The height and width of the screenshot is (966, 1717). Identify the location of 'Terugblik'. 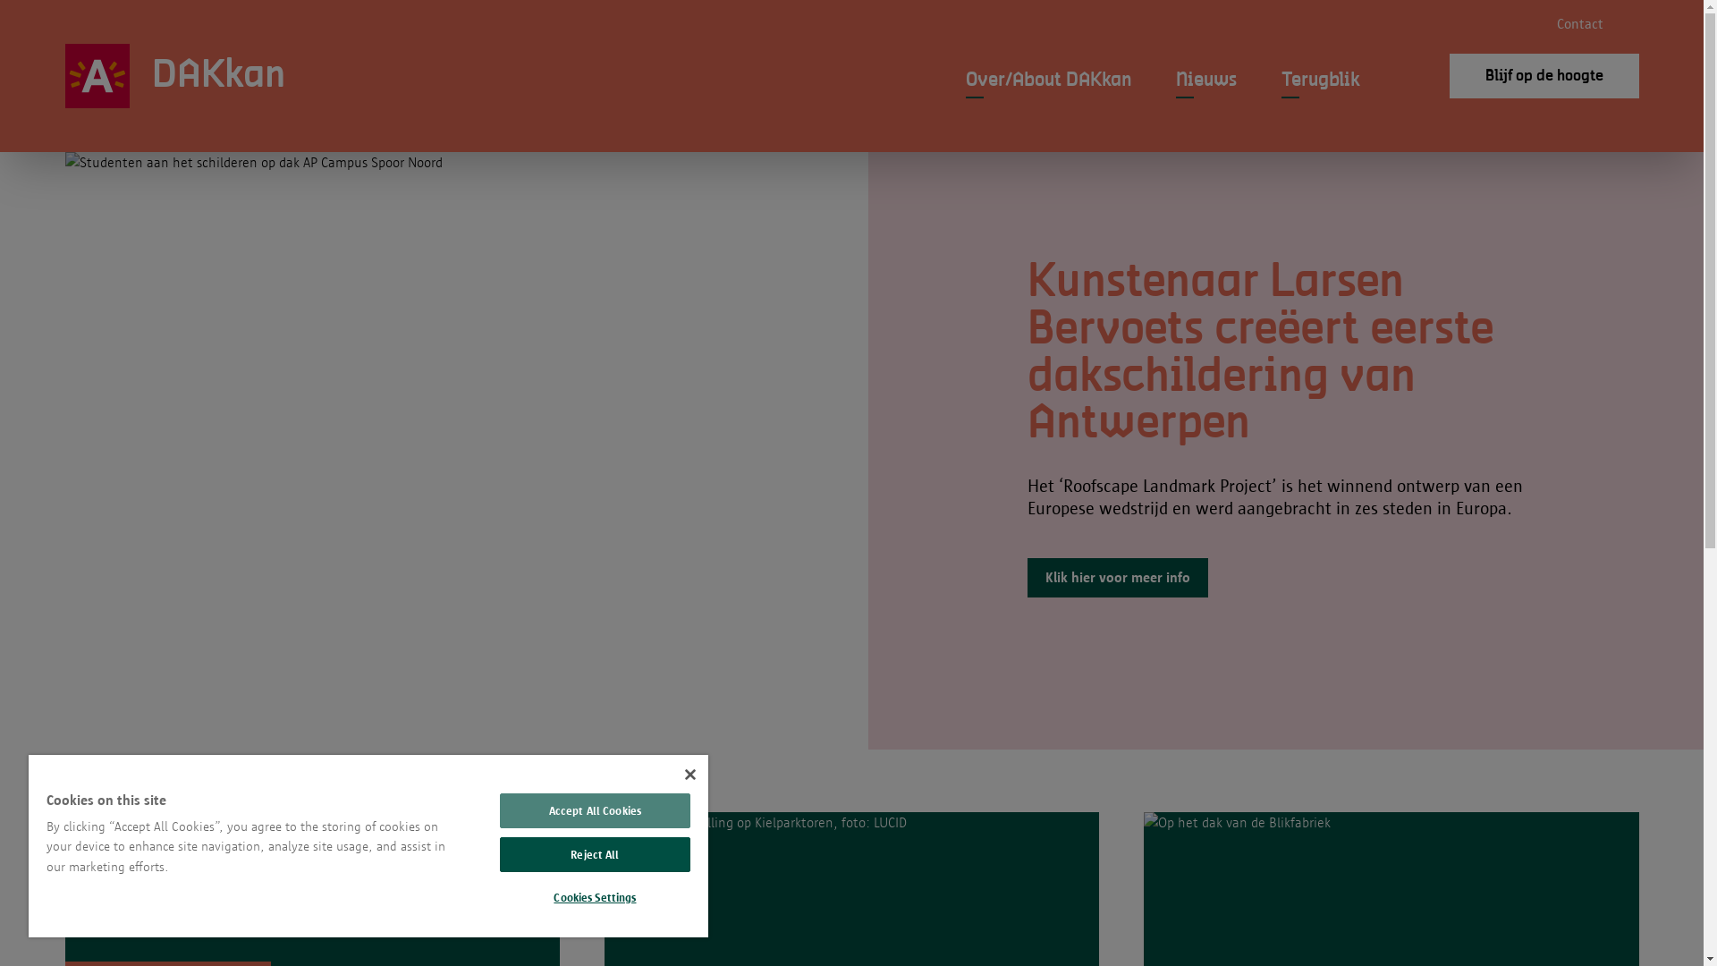
(1279, 85).